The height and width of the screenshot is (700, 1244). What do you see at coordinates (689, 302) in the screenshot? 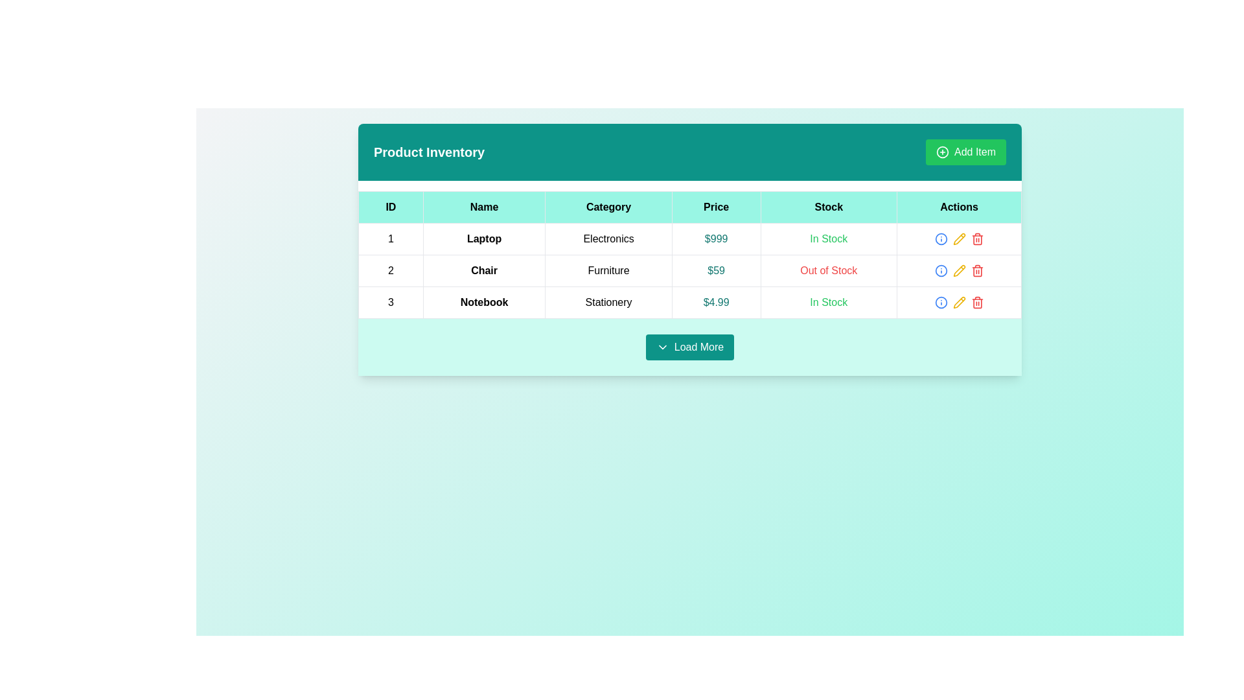
I see `to select the row in the product inventory table representing the notebook, which is the third row containing ID '3', product name 'Notebook', category 'Stationery', price '$4.99', and stock status 'In Stock'` at bounding box center [689, 302].